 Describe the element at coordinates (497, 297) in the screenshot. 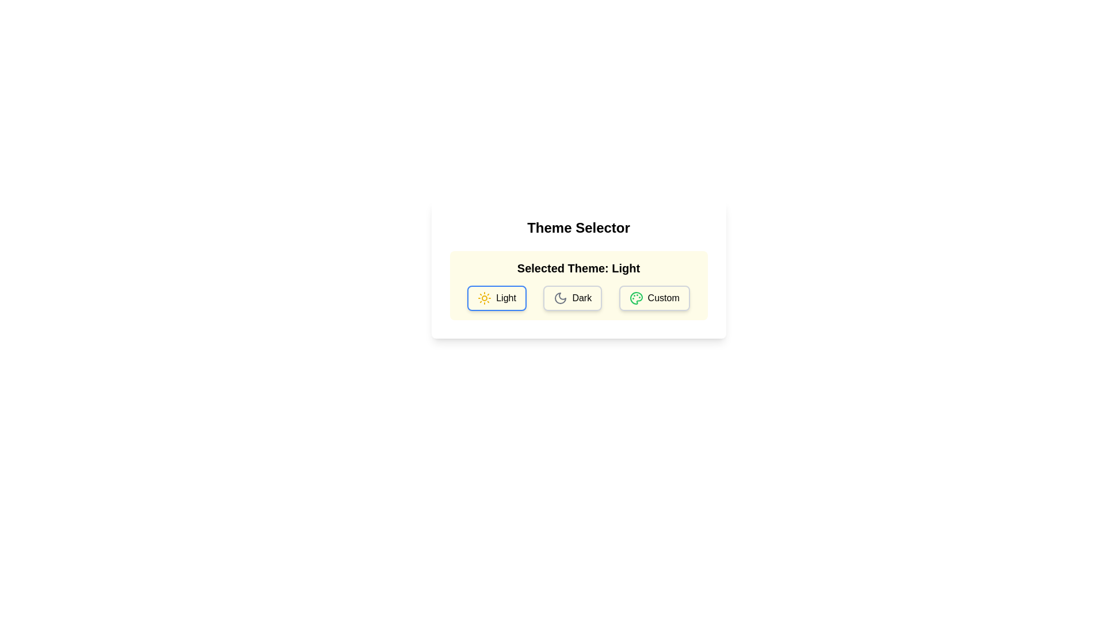

I see `the 'Light' button, which is the first button in a row of theme selection options, styled with rounded corners and a sun icon` at that location.